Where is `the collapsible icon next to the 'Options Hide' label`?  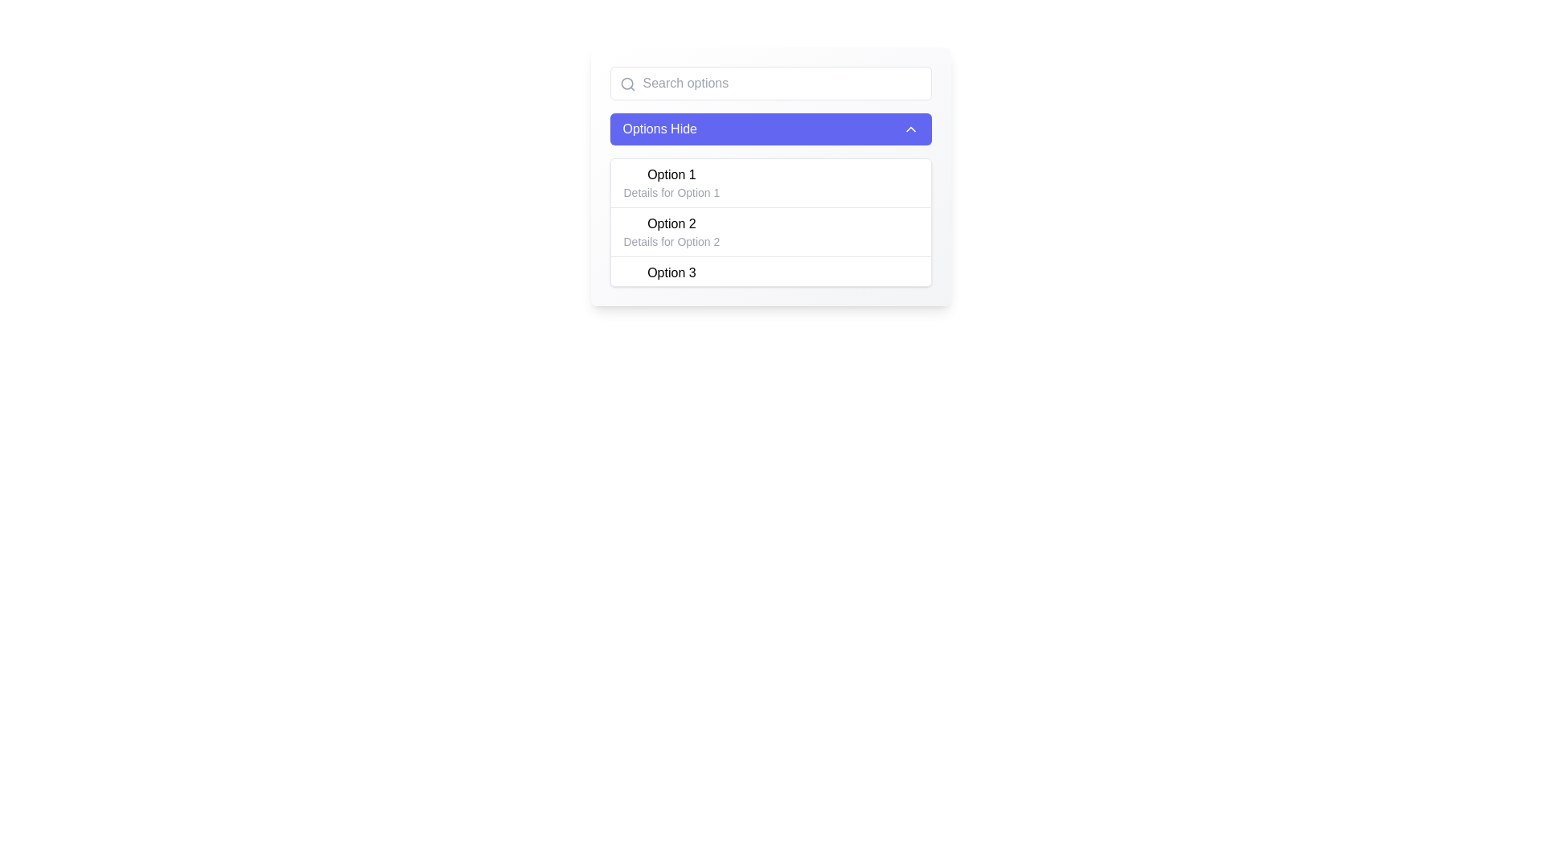
the collapsible icon next to the 'Options Hide' label is located at coordinates (910, 129).